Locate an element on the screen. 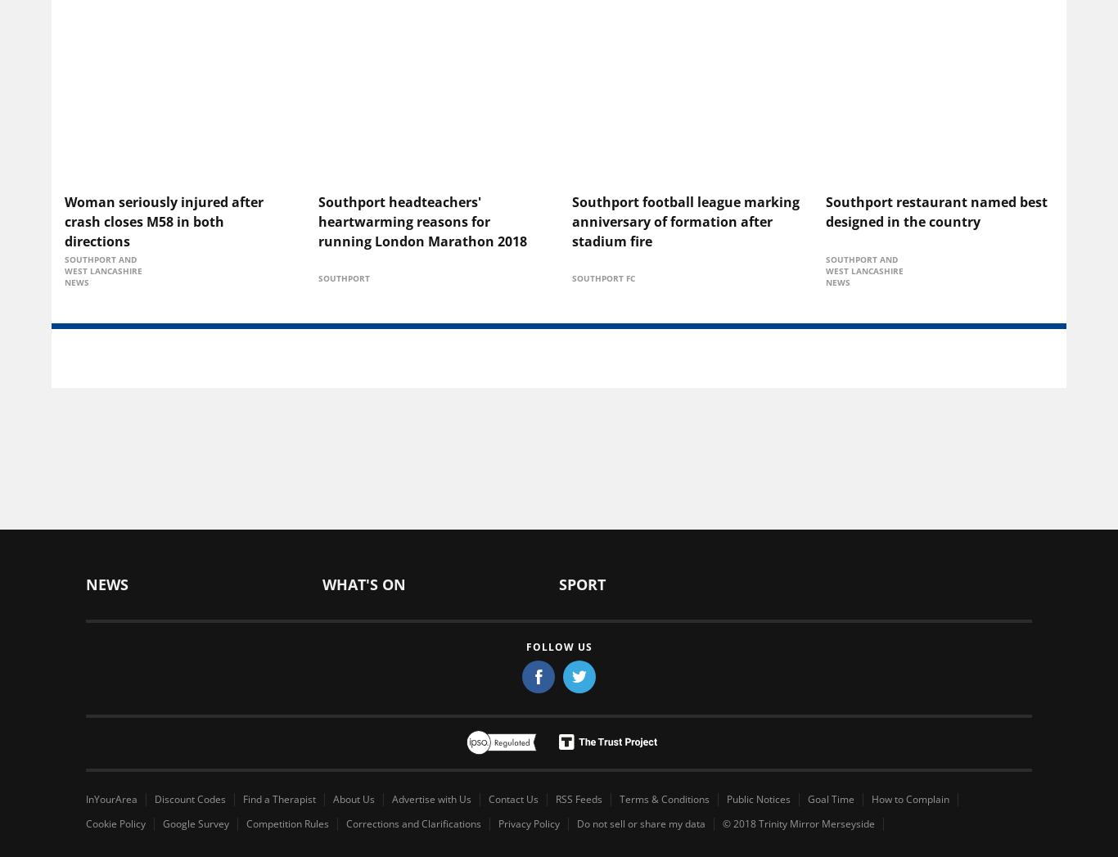 This screenshot has width=1118, height=857. 'Discount Codes' is located at coordinates (190, 797).